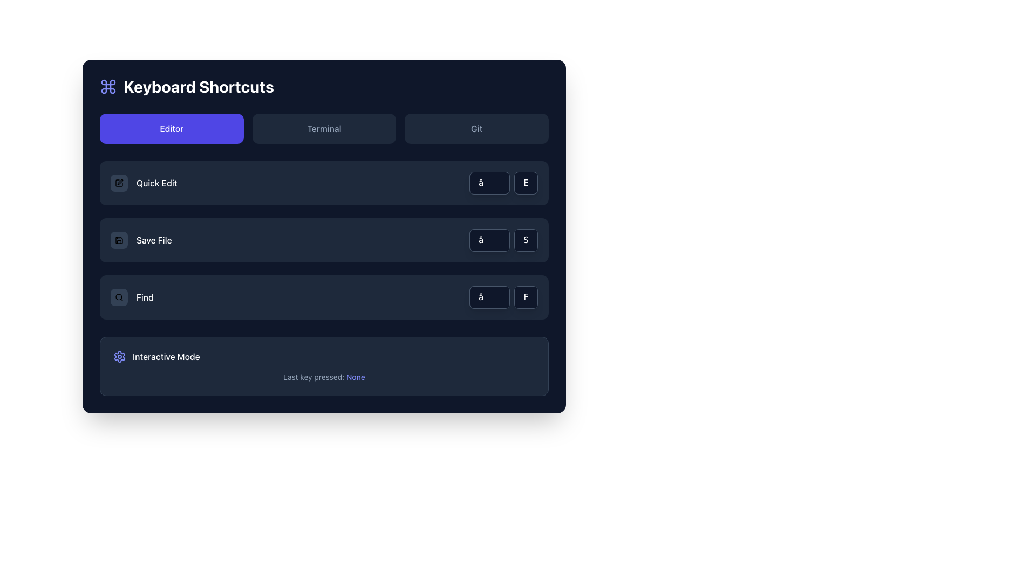 The height and width of the screenshot is (582, 1036). I want to click on the button with a dark background and white letter 'S' centered within it, located in the center-right of the 'Save File' row, so click(526, 240).